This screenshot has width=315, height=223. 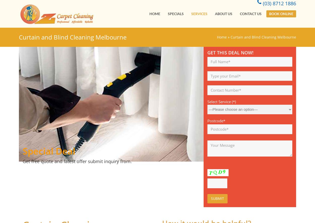 I want to click on 'Book Online', so click(x=281, y=13).